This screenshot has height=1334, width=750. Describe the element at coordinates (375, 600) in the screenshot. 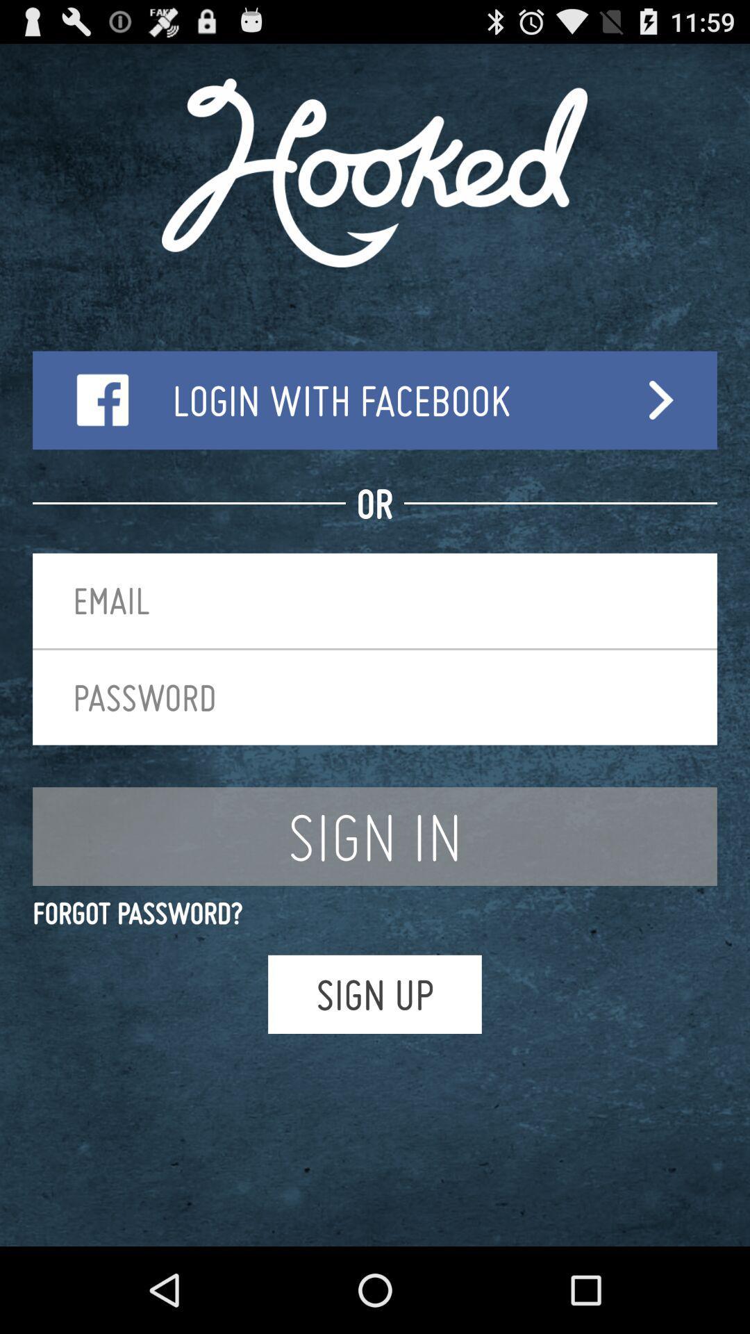

I see `the app below or app` at that location.